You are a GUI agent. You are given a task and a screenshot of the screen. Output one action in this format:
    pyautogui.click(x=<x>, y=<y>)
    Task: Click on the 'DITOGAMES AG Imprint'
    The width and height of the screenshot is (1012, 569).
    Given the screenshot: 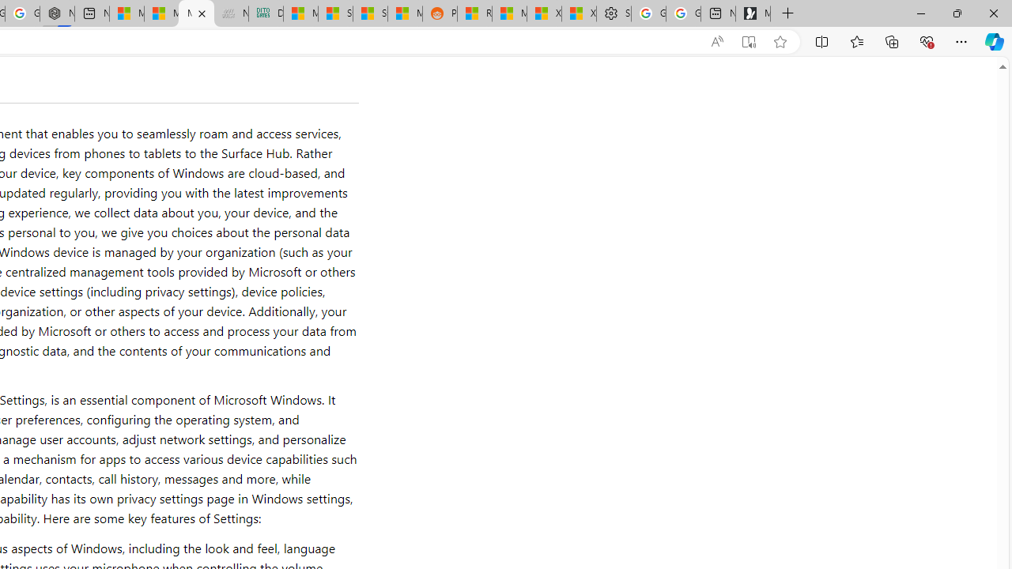 What is the action you would take?
    pyautogui.click(x=266, y=13)
    